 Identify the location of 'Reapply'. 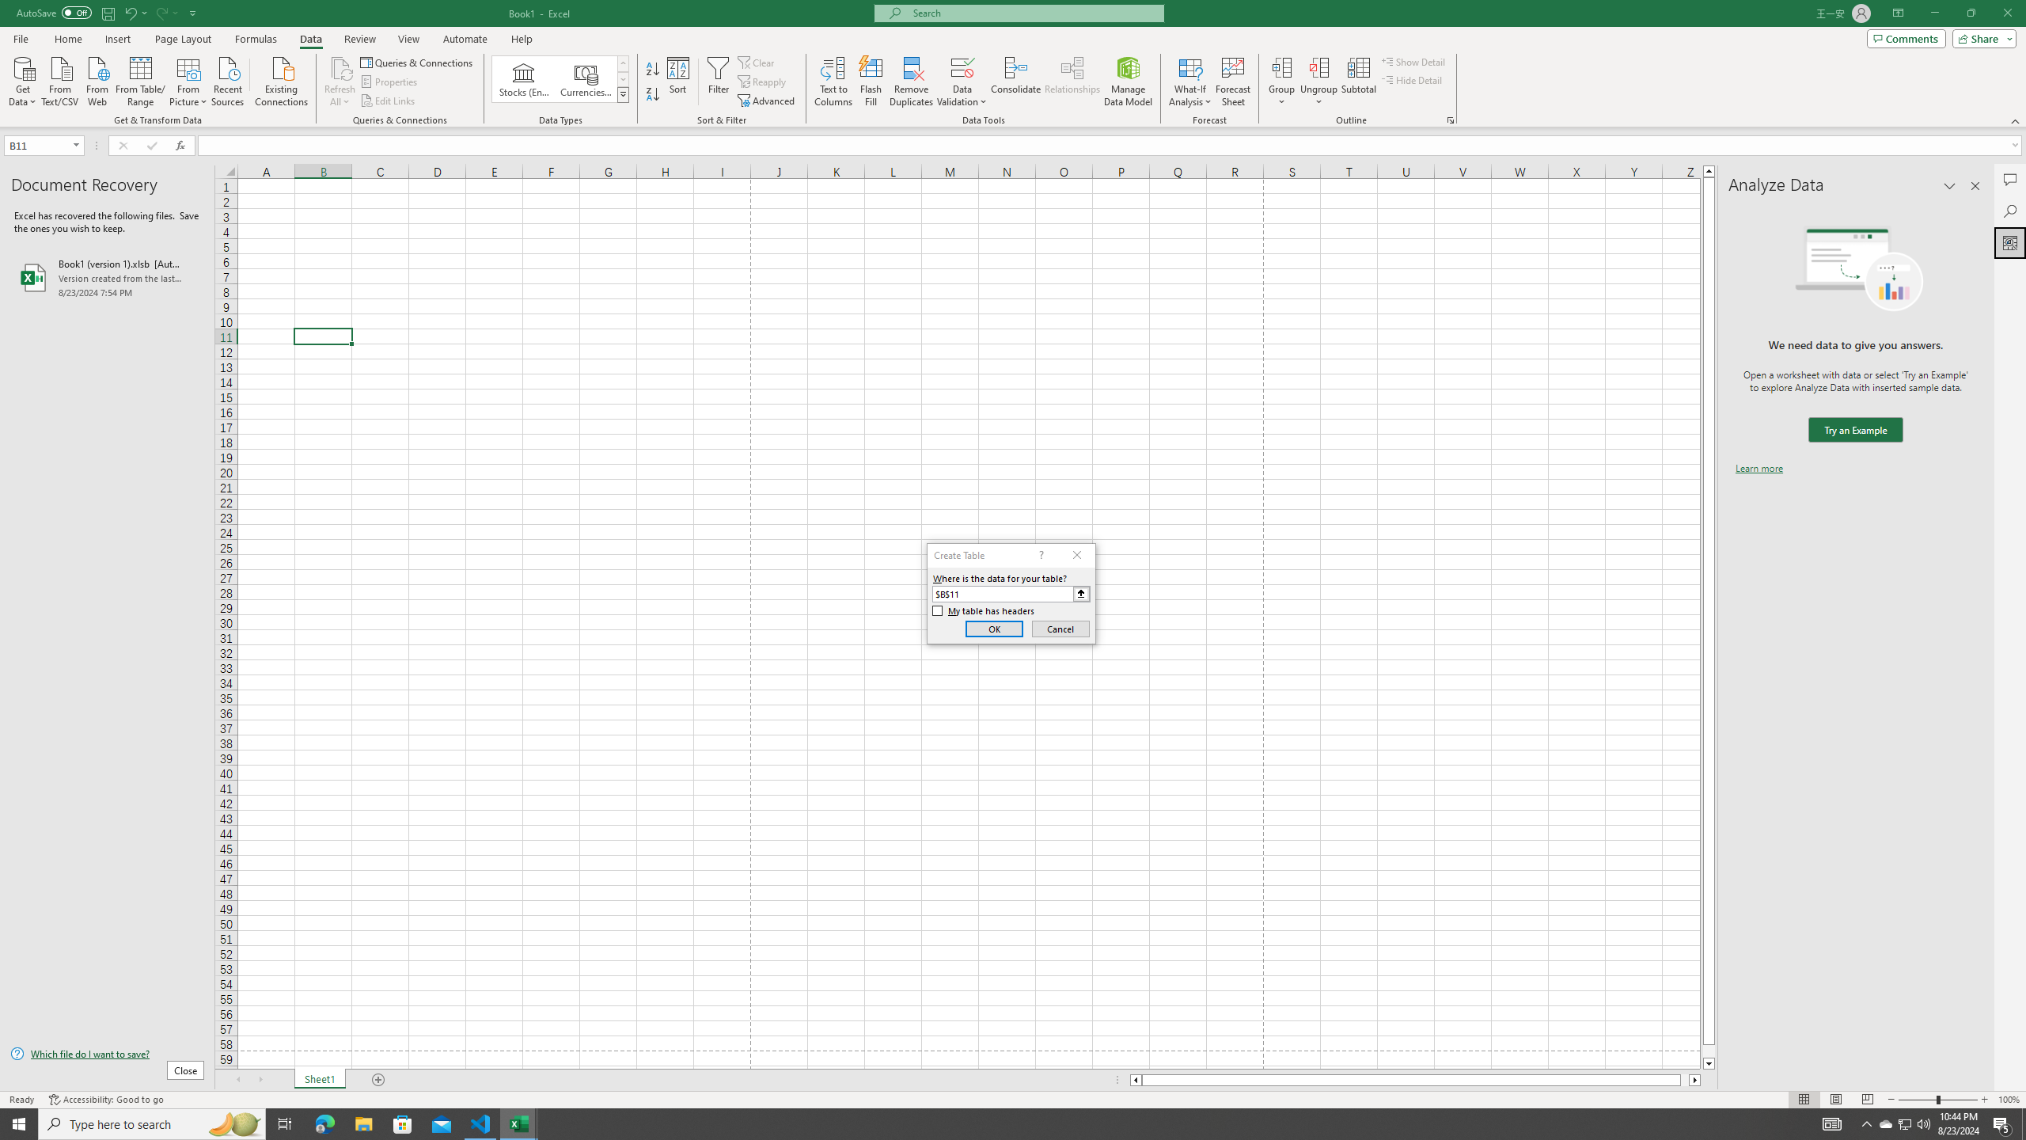
(764, 82).